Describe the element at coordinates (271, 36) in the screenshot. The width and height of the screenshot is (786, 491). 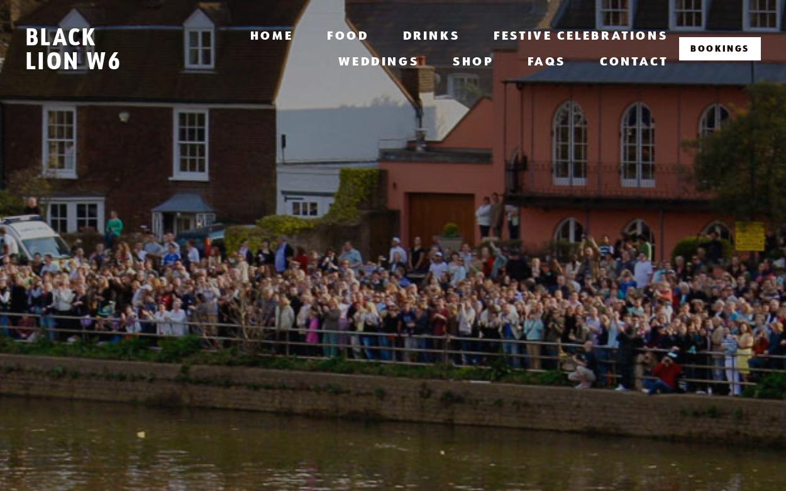
I see `'Home'` at that location.